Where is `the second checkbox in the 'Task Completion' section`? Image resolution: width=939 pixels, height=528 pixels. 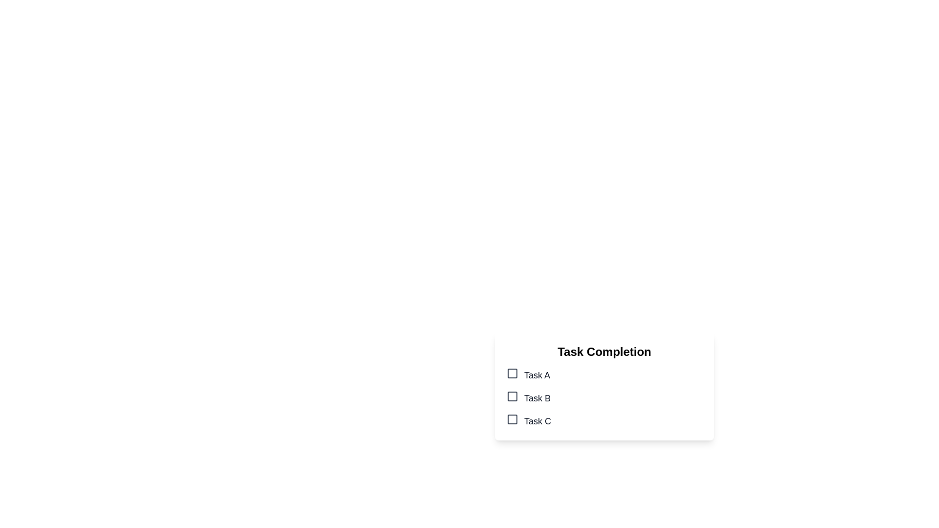 the second checkbox in the 'Task Completion' section is located at coordinates (512, 396).